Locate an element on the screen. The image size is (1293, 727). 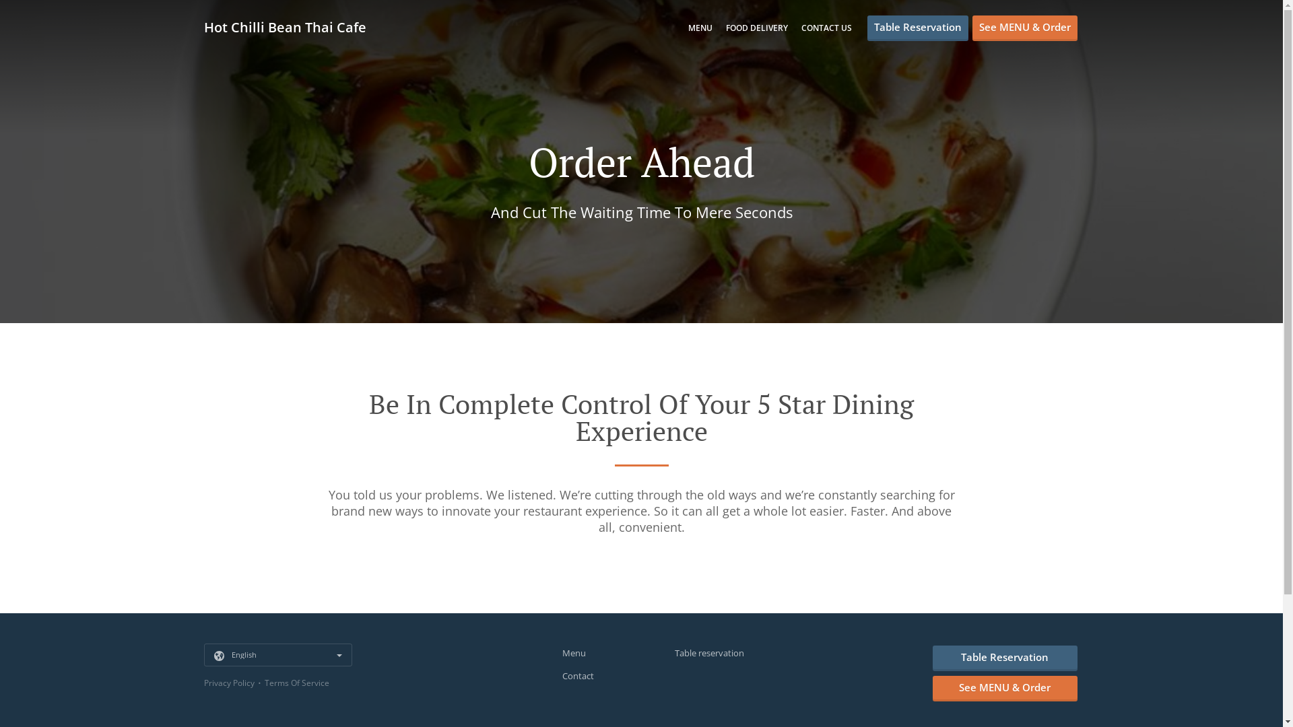
'Hot Chilli Bean Thai Cafe' is located at coordinates (203, 27).